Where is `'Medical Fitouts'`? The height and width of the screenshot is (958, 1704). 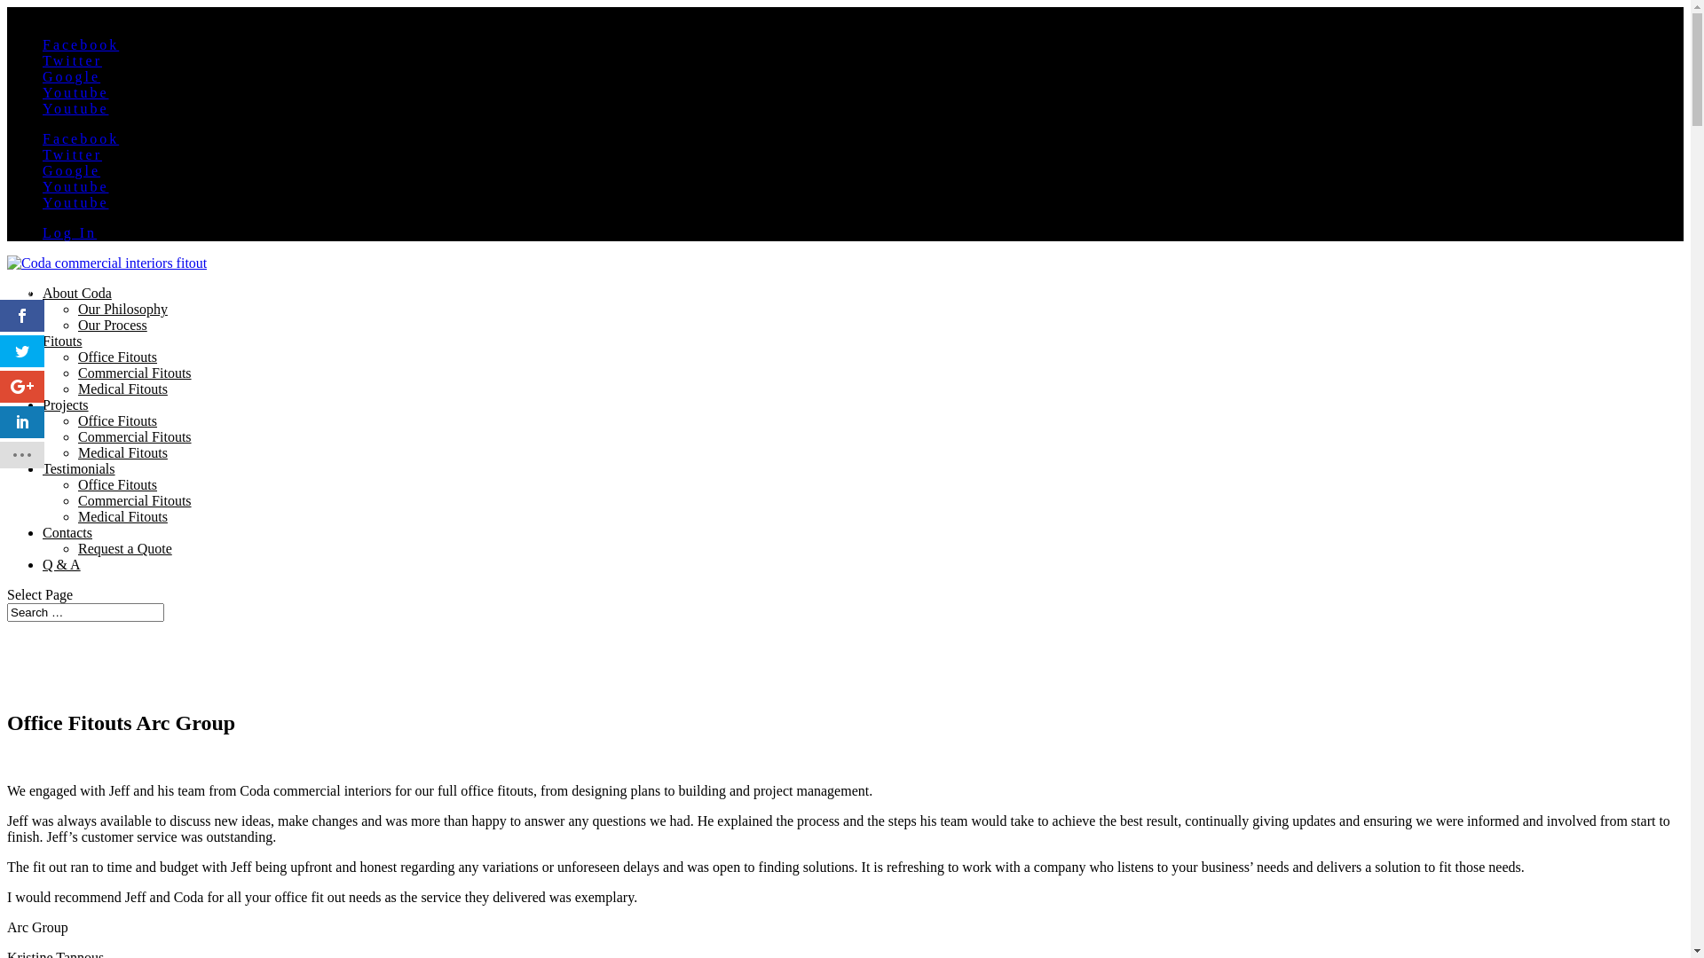
'Medical Fitouts' is located at coordinates (122, 516).